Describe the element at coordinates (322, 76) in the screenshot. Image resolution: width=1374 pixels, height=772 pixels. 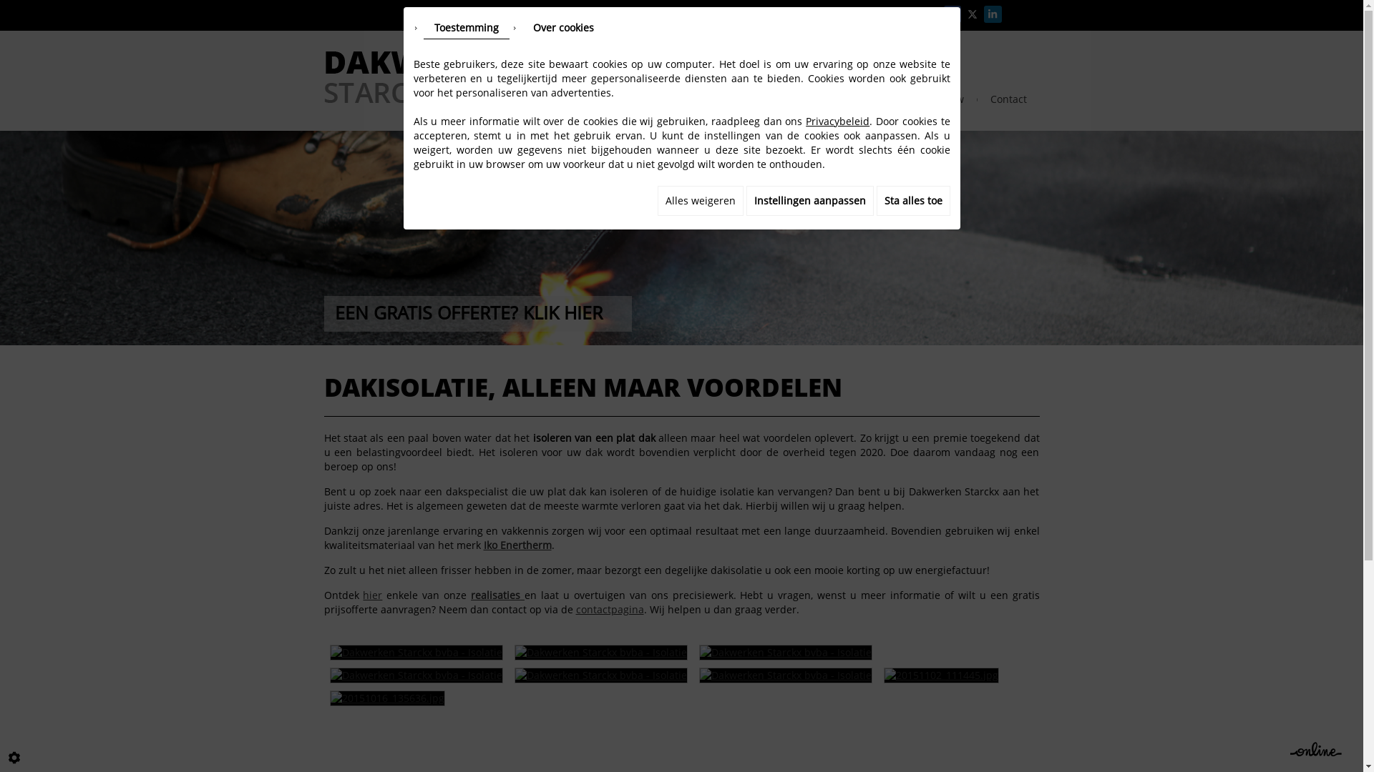
I see `'DAKWERKEN STARCKX BVBA - Turnhout'` at that location.